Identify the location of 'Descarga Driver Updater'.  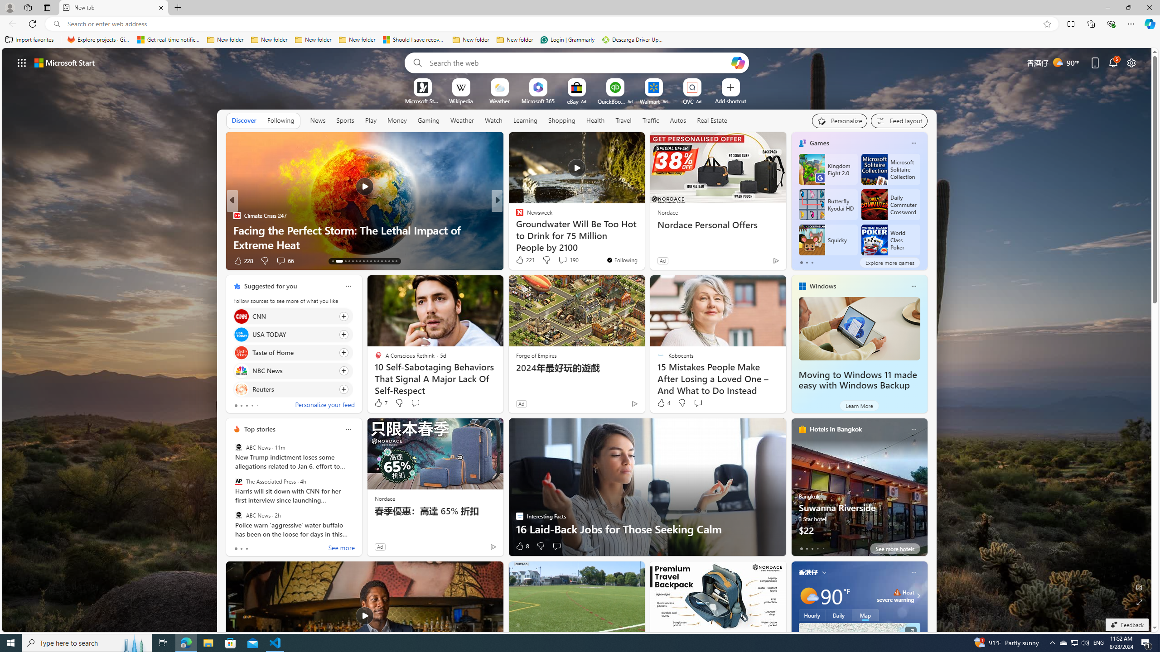
(633, 39).